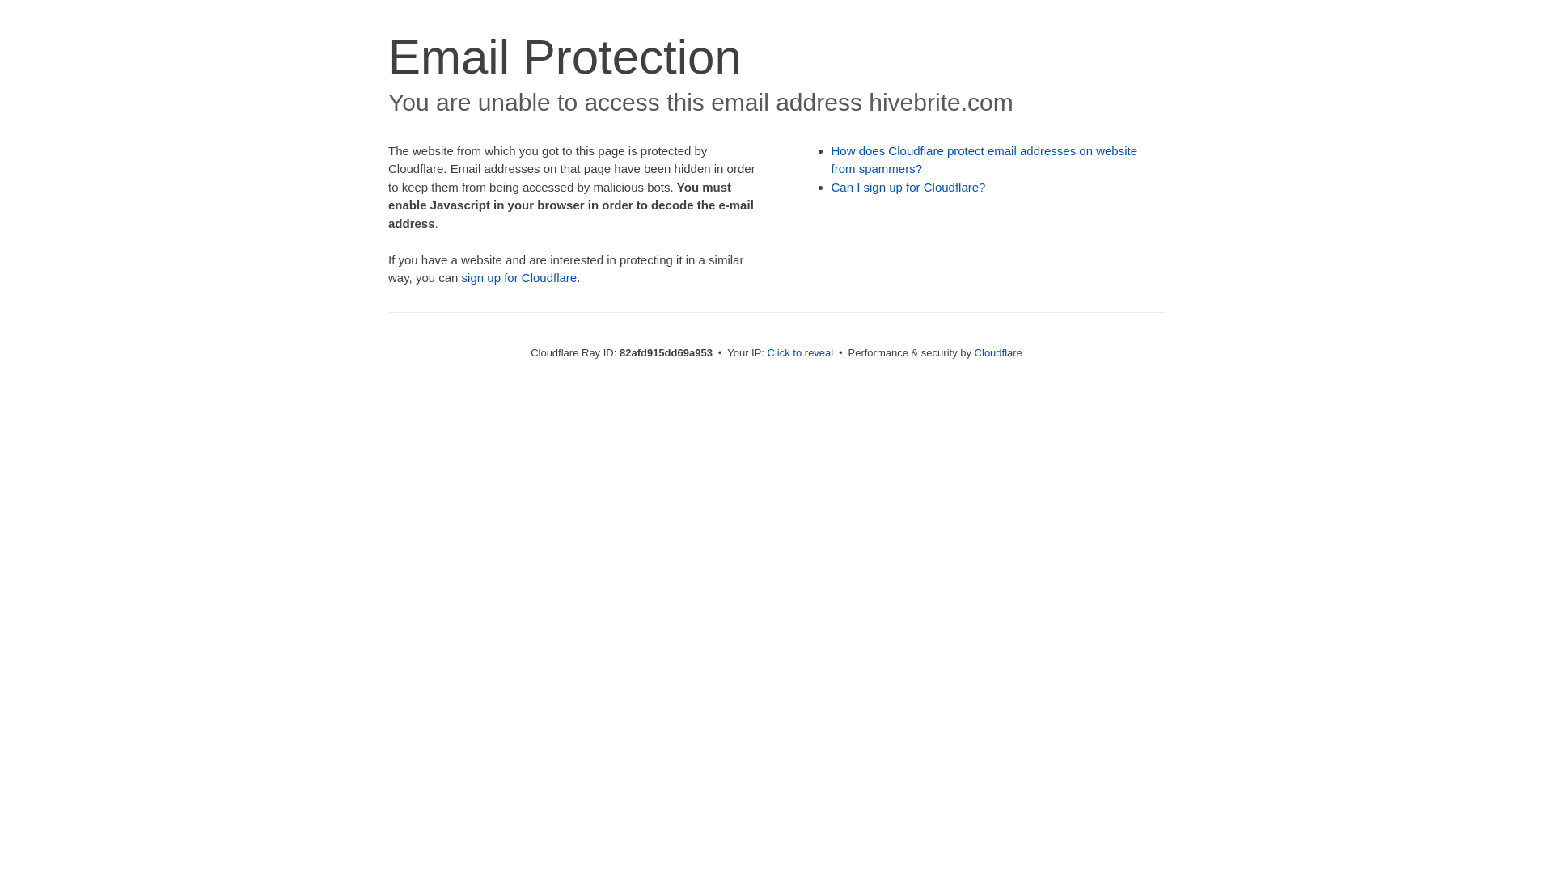 The image size is (1553, 873). Describe the element at coordinates (800, 352) in the screenshot. I see `'Click to reveal'` at that location.